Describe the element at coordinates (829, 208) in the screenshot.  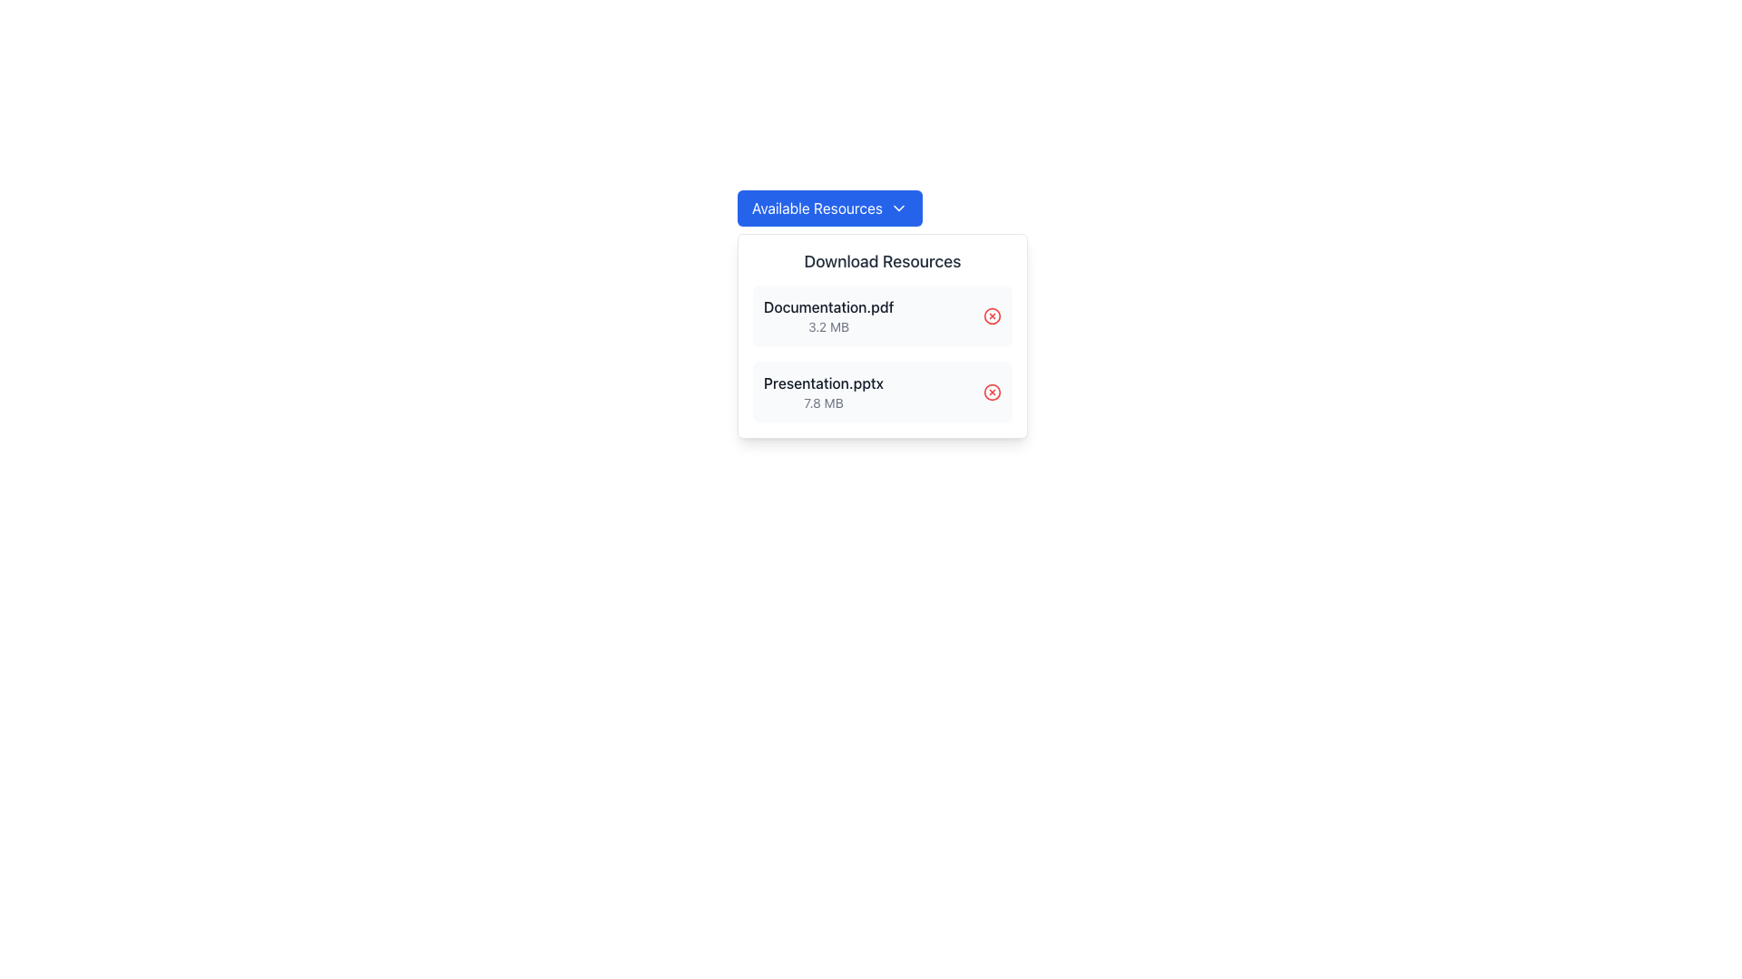
I see `the blue button labeled 'Available Resources' with a white downwards arrow` at that location.